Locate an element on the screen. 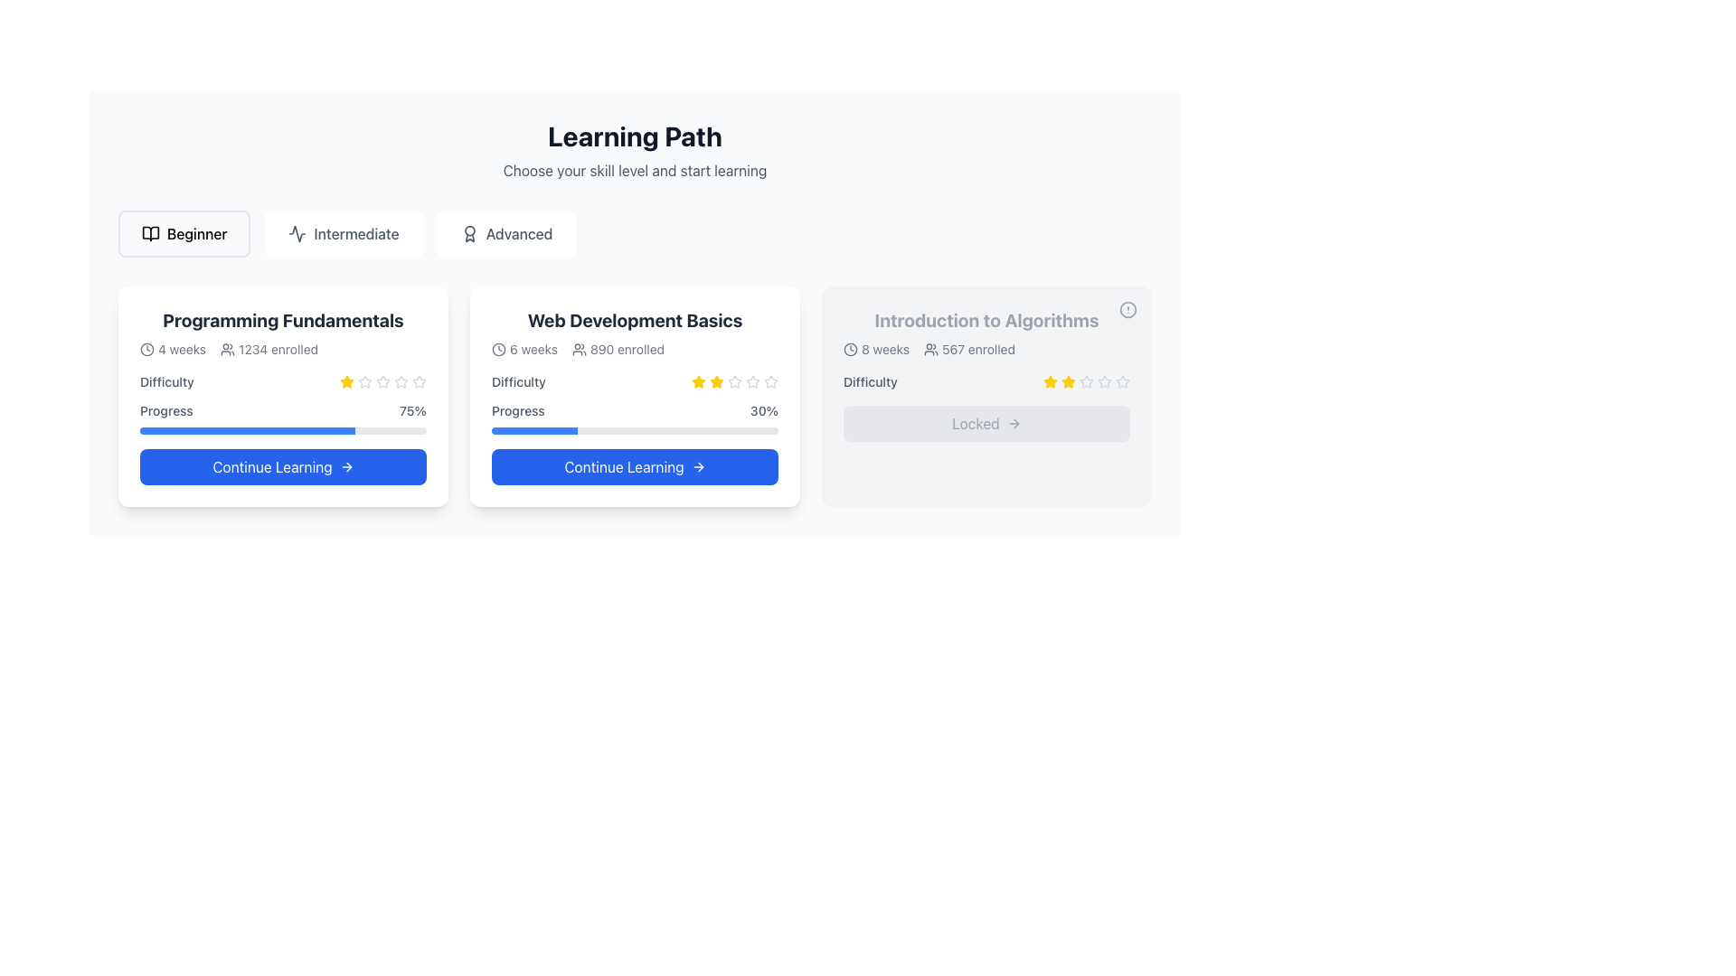 Image resolution: width=1736 pixels, height=976 pixels. the second star icon in the 5-star rating system for the 'Introduction to Algorithms' course card, which is filled with light gray color is located at coordinates (1104, 380).